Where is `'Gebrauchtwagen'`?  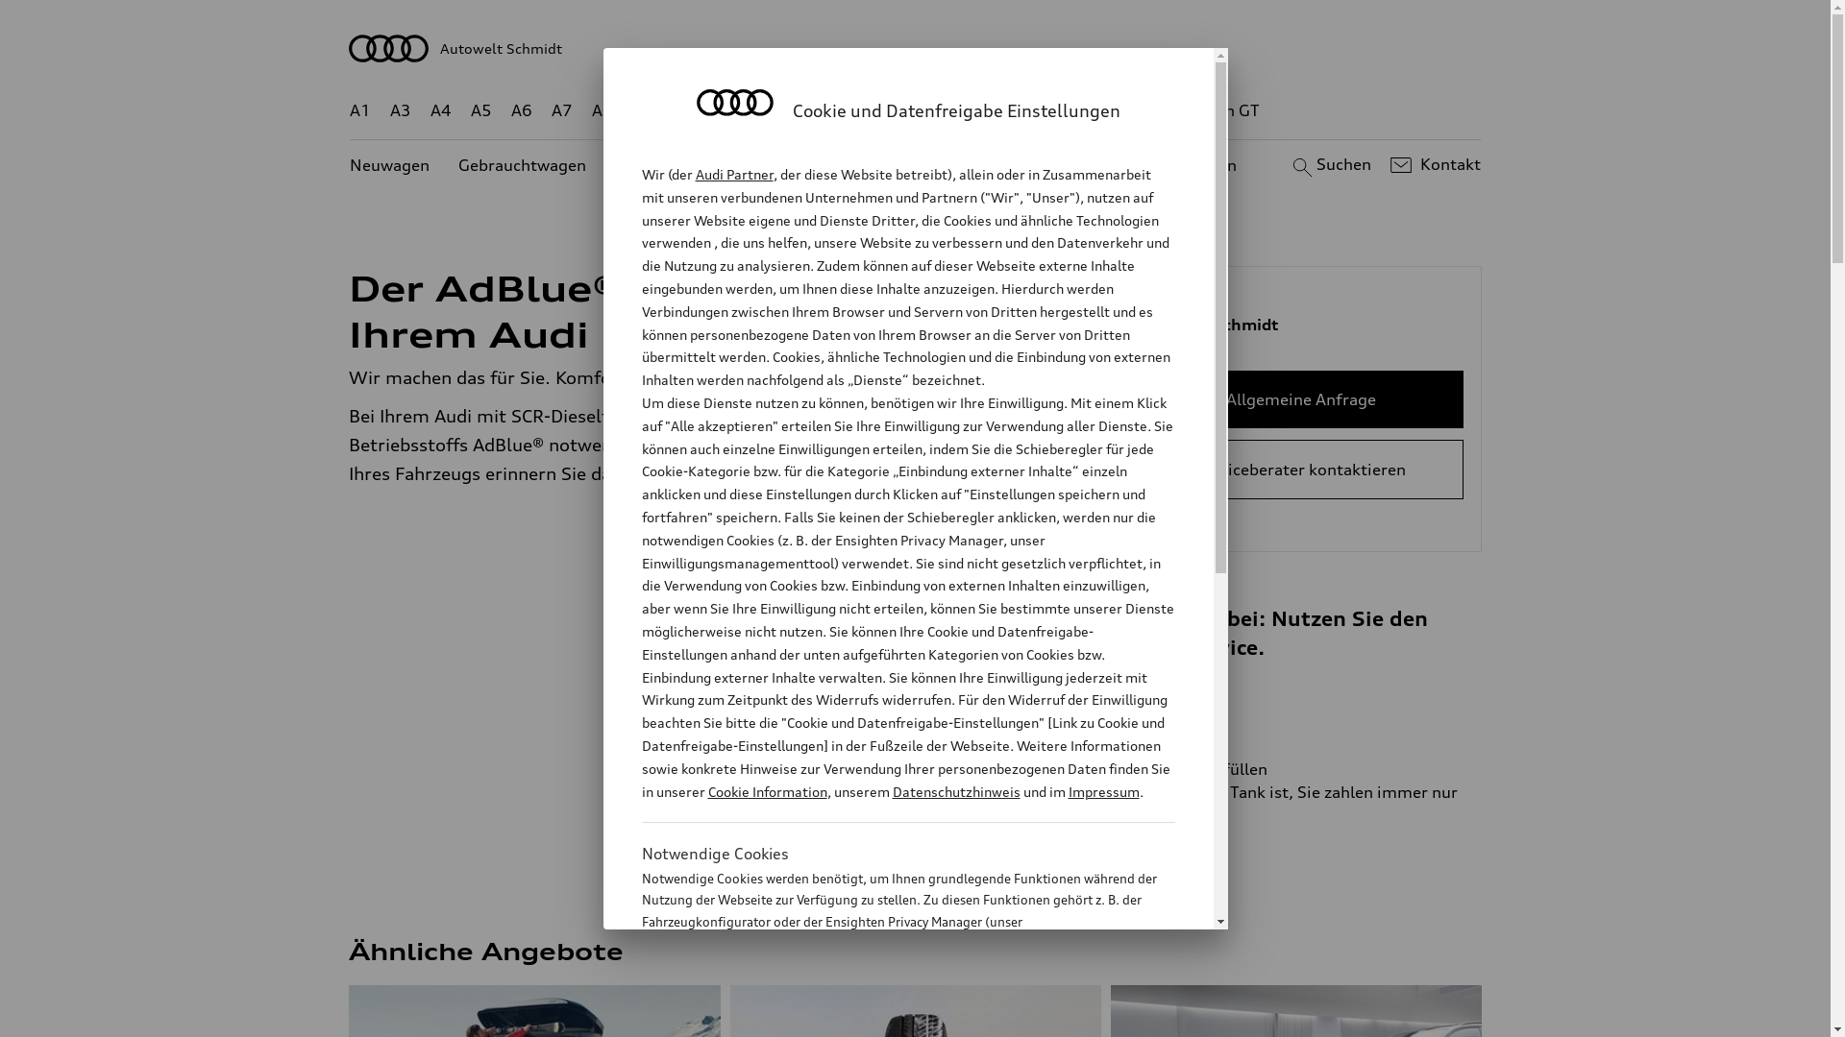
'Gebrauchtwagen' is located at coordinates (522, 164).